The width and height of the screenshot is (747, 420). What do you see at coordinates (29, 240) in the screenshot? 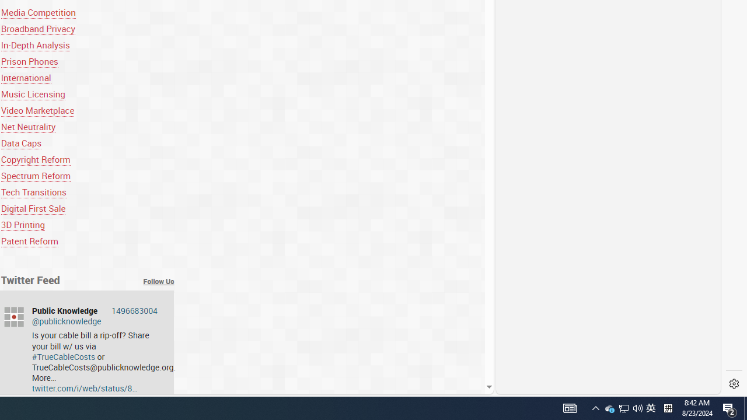
I see `'Patent Reform'` at bounding box center [29, 240].